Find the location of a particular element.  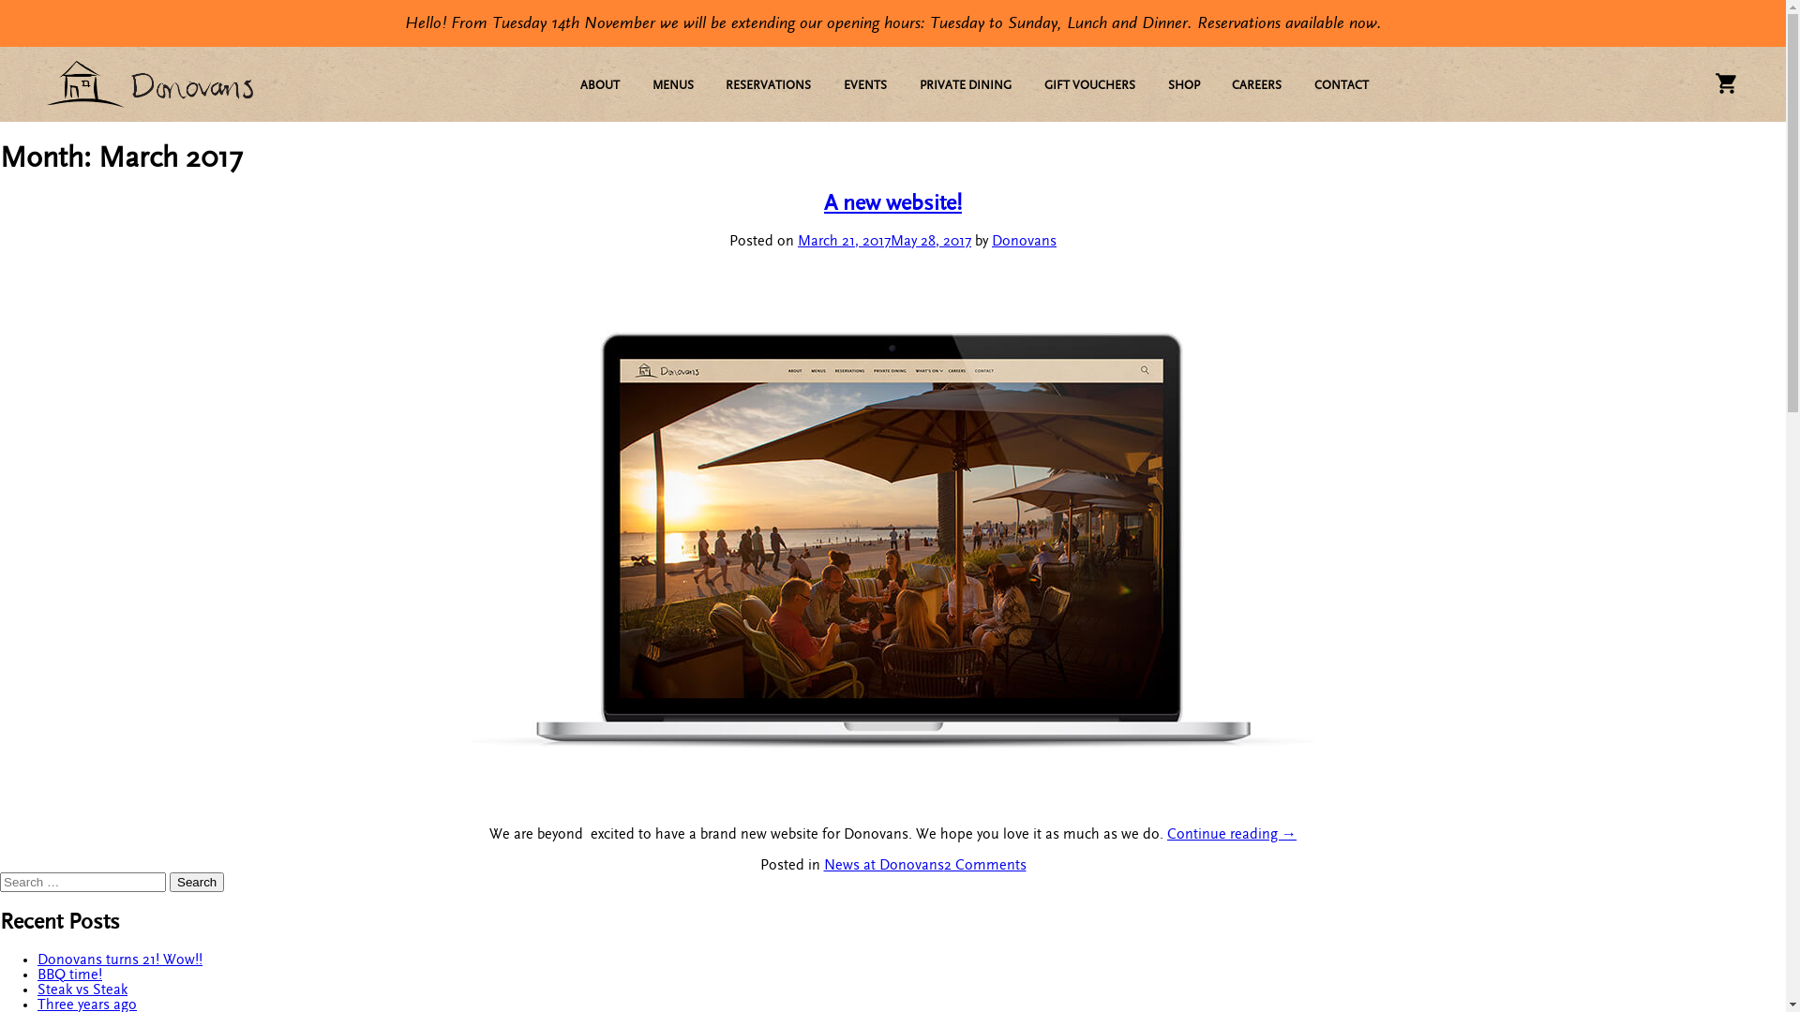

'ABOUT' is located at coordinates (598, 85).